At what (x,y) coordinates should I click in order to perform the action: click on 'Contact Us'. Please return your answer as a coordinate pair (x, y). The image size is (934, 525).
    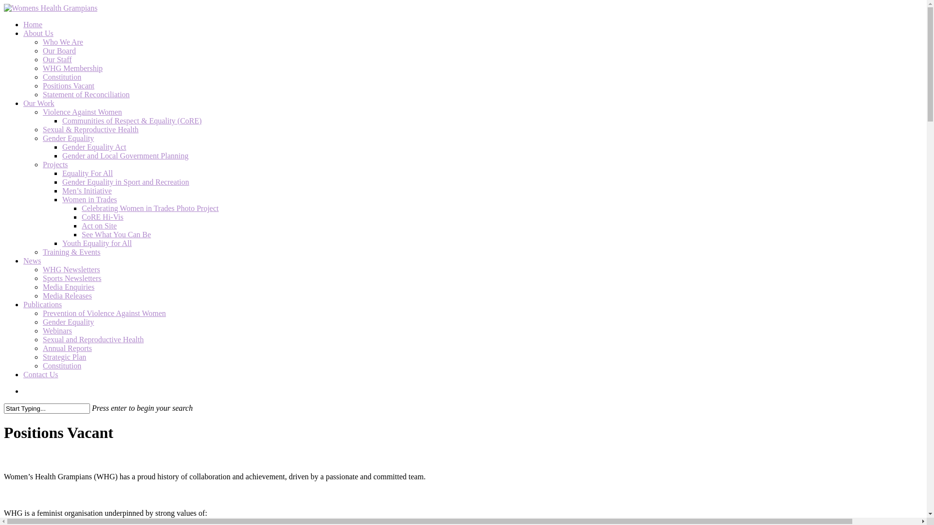
    Looking at the image, I should click on (23, 374).